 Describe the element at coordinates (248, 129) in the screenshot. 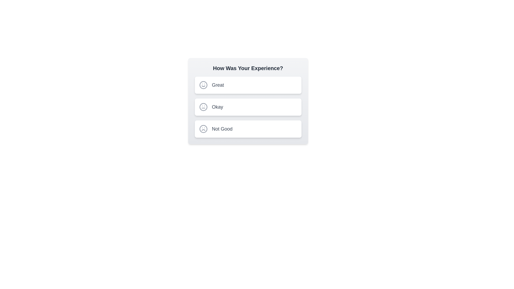

I see `the 'Not Good' button, which is the third button in a vertical stack of three buttons, located beneath the 'Great' and 'Okay' buttons` at that location.